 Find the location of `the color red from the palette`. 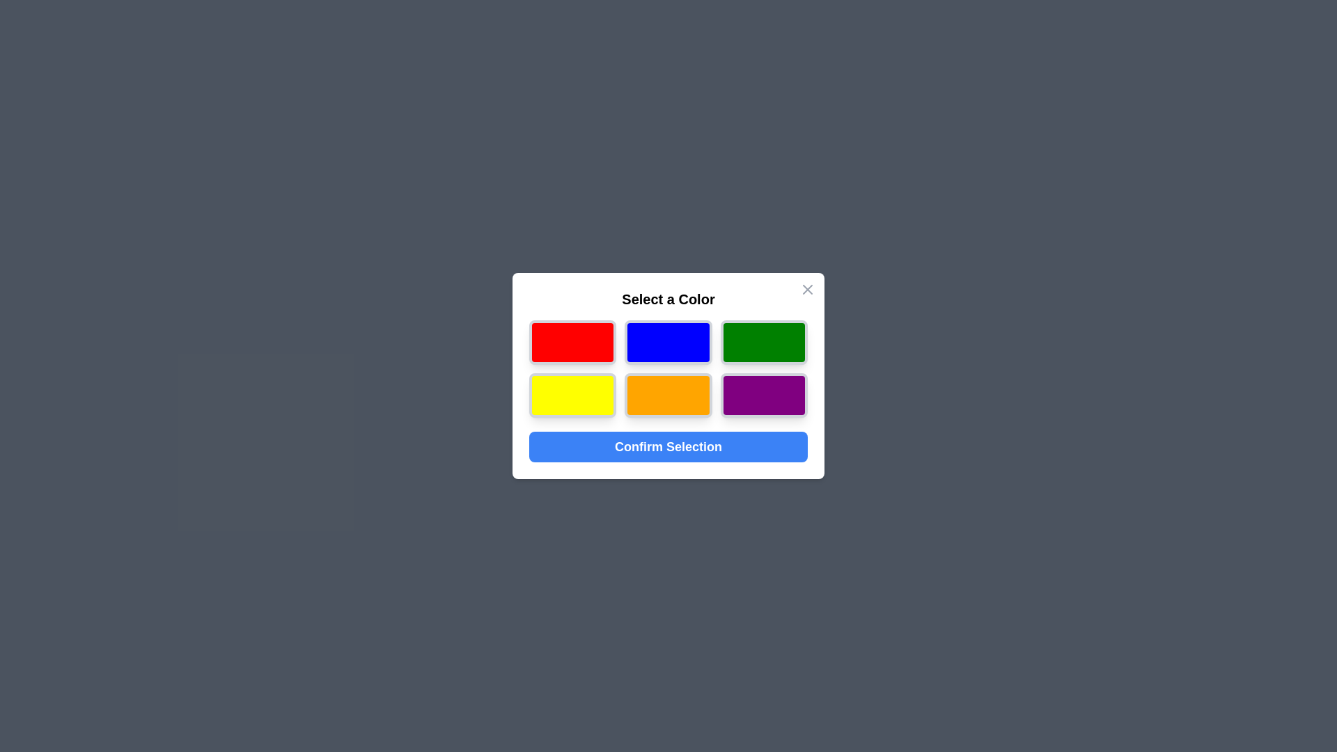

the color red from the palette is located at coordinates (572, 343).